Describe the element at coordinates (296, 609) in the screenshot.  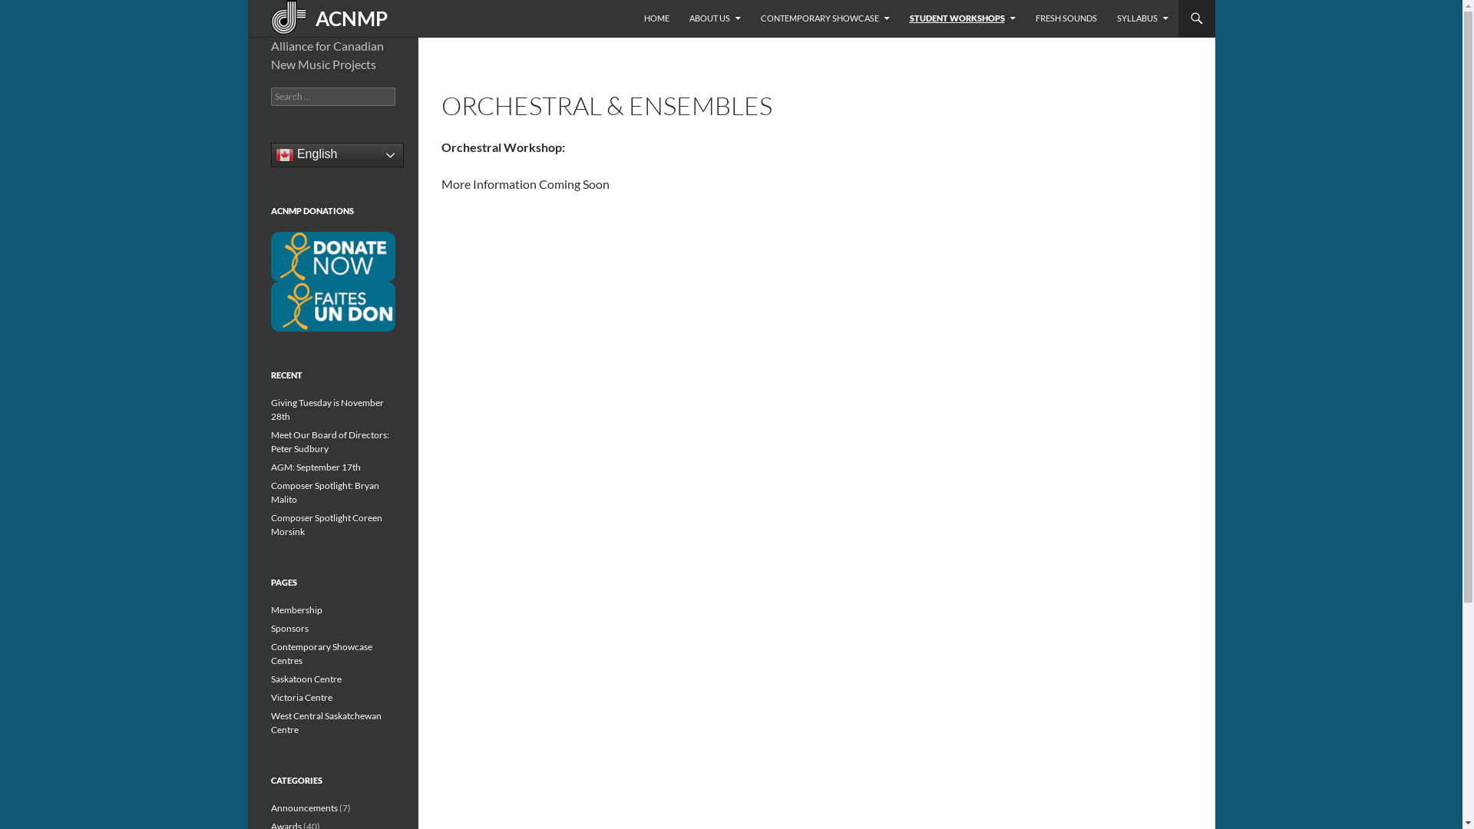
I see `'Membership'` at that location.